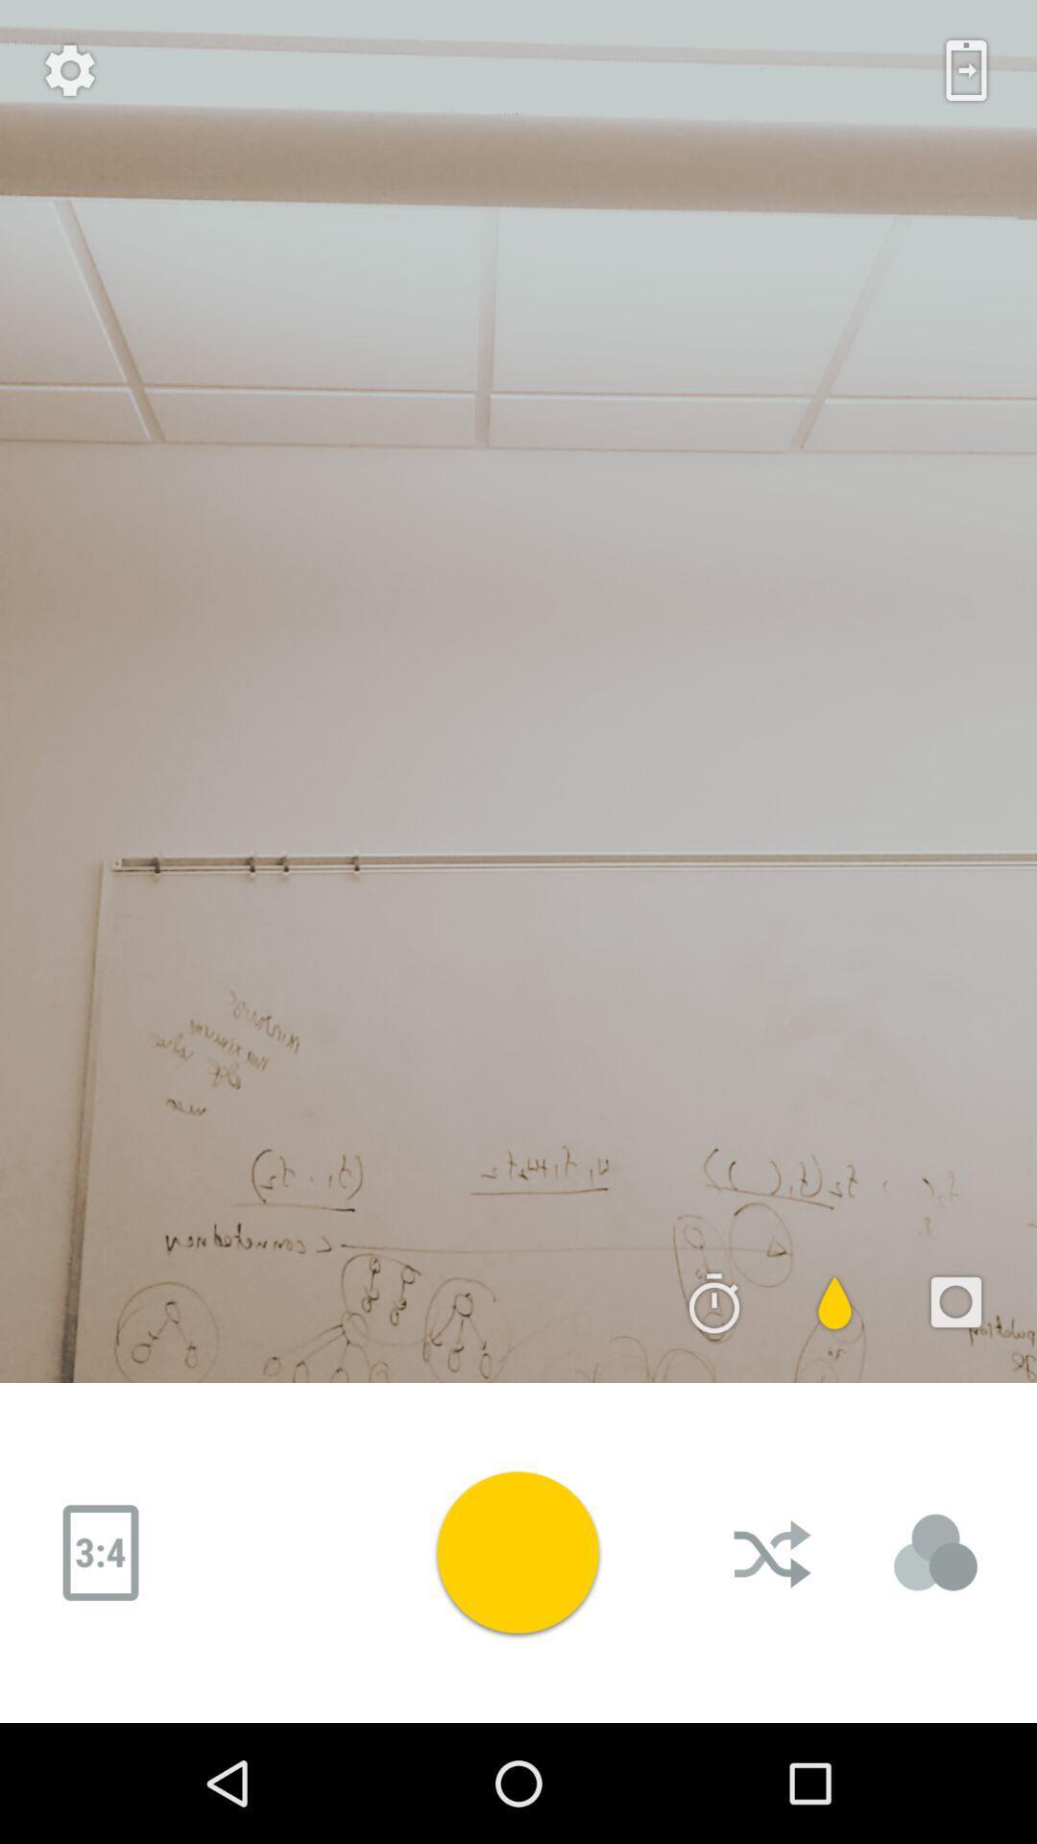 This screenshot has height=1844, width=1037. I want to click on filter, so click(834, 1302).